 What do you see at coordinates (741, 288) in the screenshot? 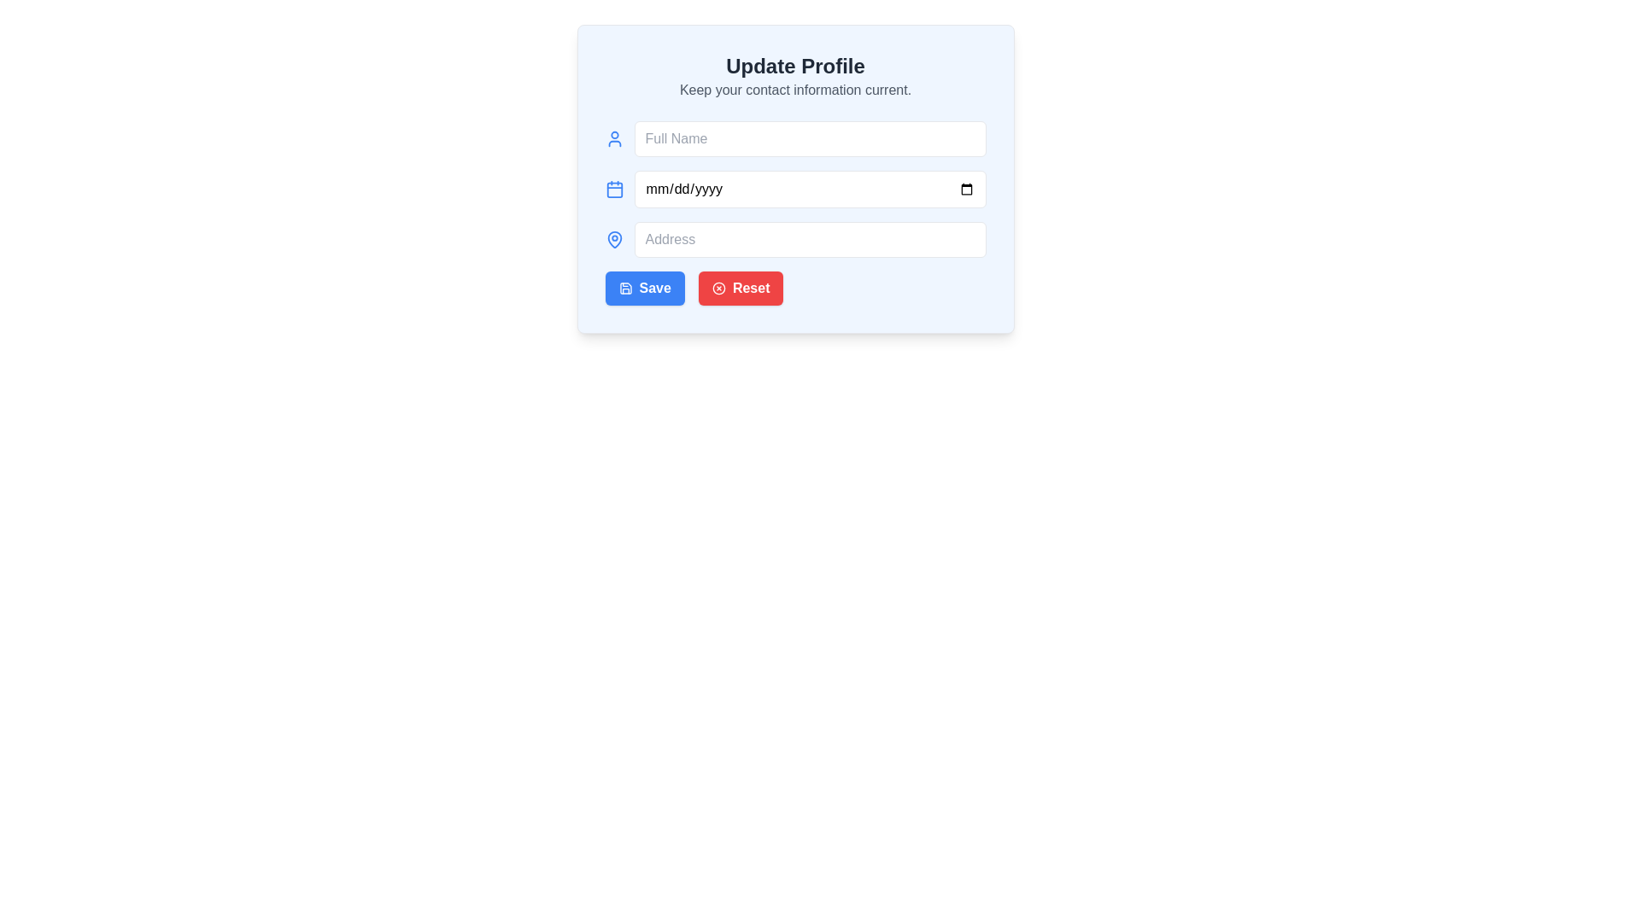
I see `the reset button located at the bottom of the form, to the right of the 'Save' button, which allows users to clear or revert the input data in the form` at bounding box center [741, 288].